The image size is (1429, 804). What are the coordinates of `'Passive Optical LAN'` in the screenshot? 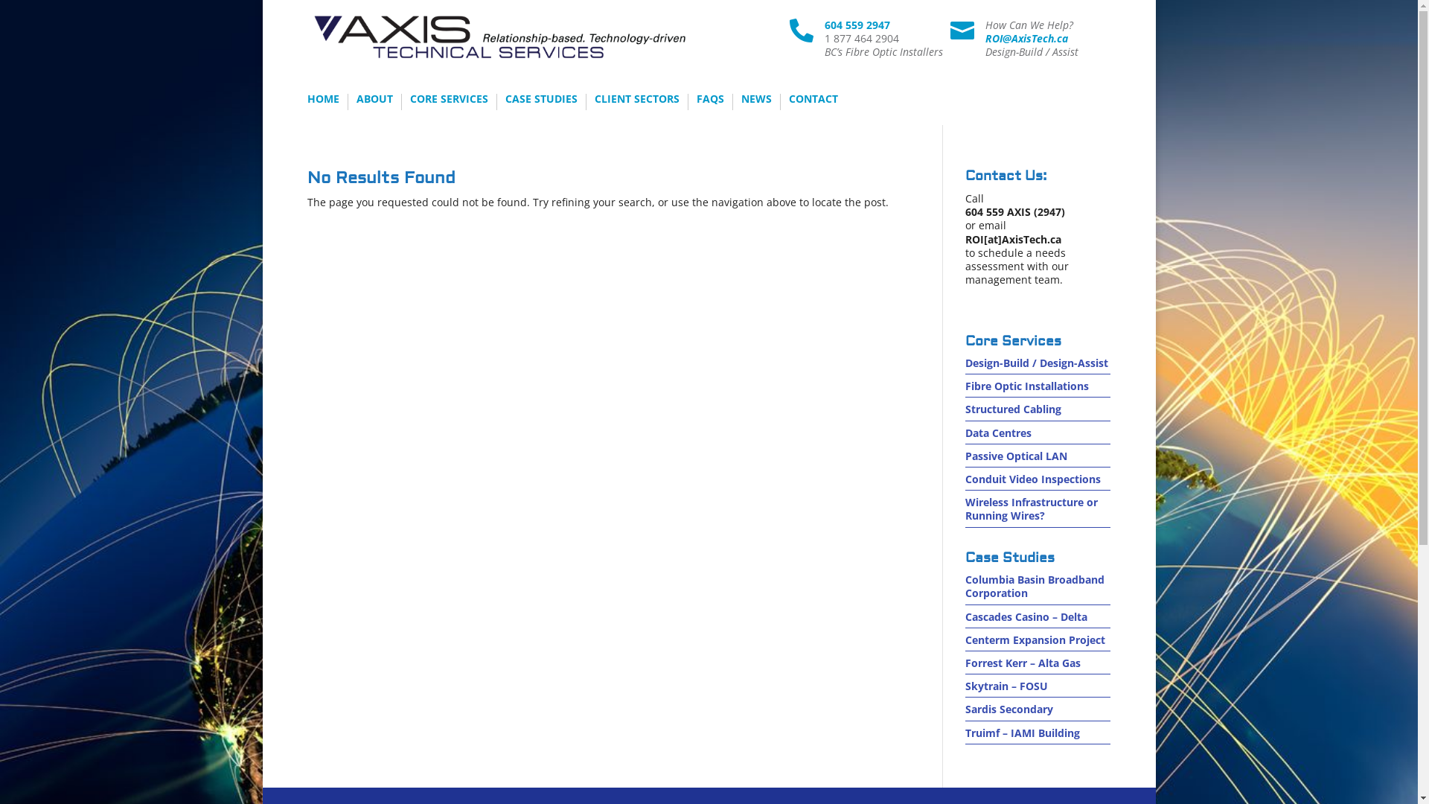 It's located at (1015, 455).